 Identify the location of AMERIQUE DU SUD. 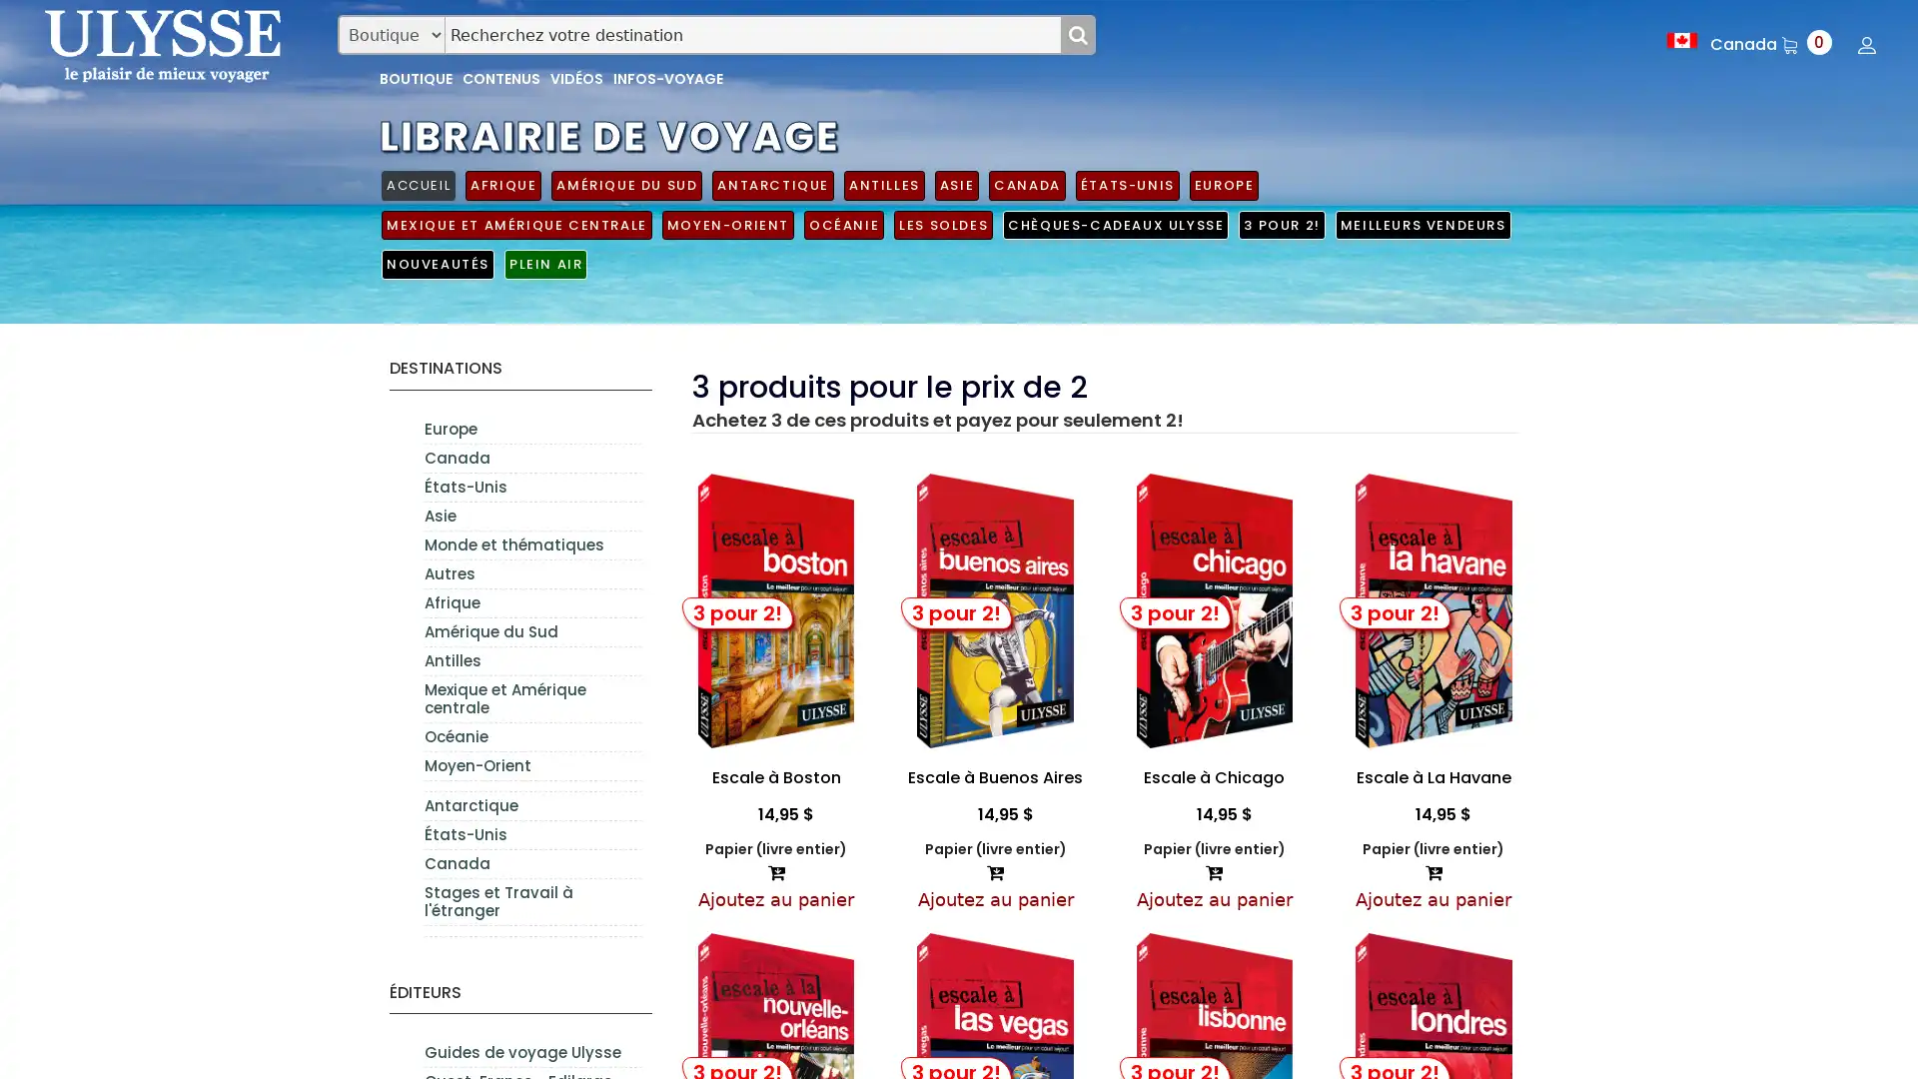
(625, 185).